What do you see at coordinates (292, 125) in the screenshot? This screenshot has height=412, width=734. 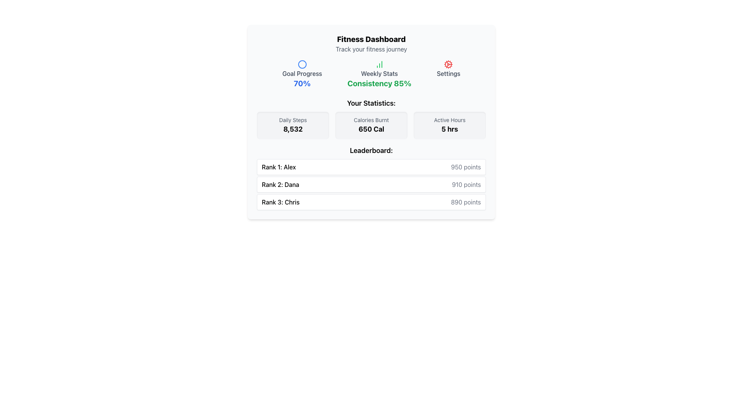 I see `the Informational card displaying 'Daily Steps' with the value '8,532' in a light gray background` at bounding box center [292, 125].